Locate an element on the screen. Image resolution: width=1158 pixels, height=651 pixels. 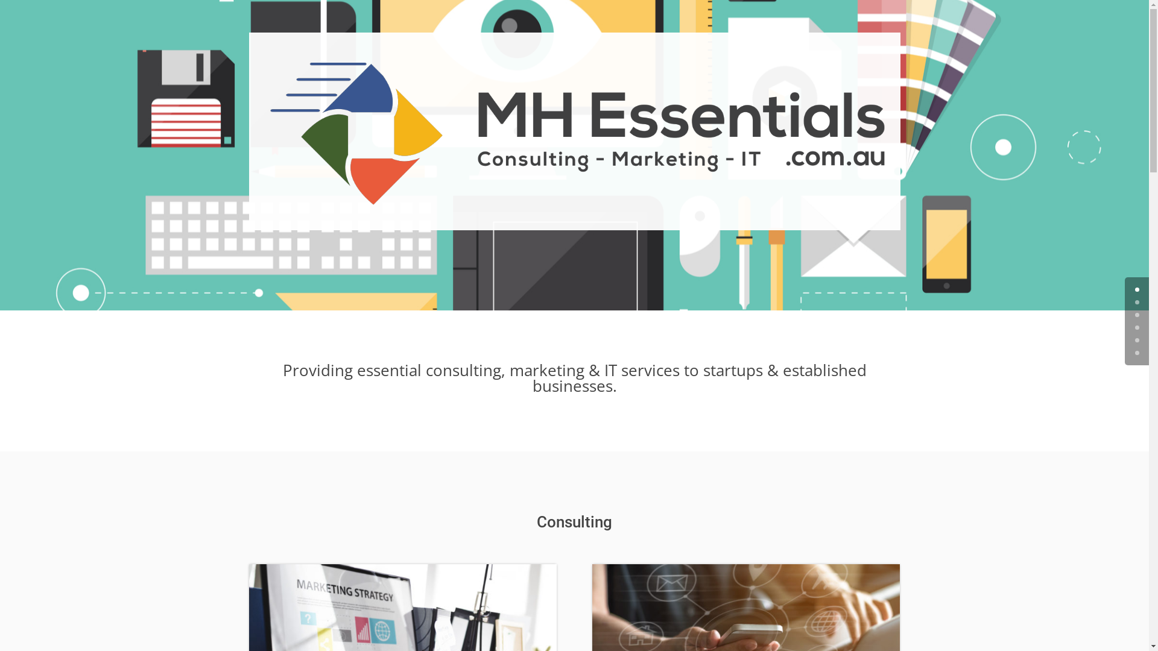
'4' is located at coordinates (1136, 340).